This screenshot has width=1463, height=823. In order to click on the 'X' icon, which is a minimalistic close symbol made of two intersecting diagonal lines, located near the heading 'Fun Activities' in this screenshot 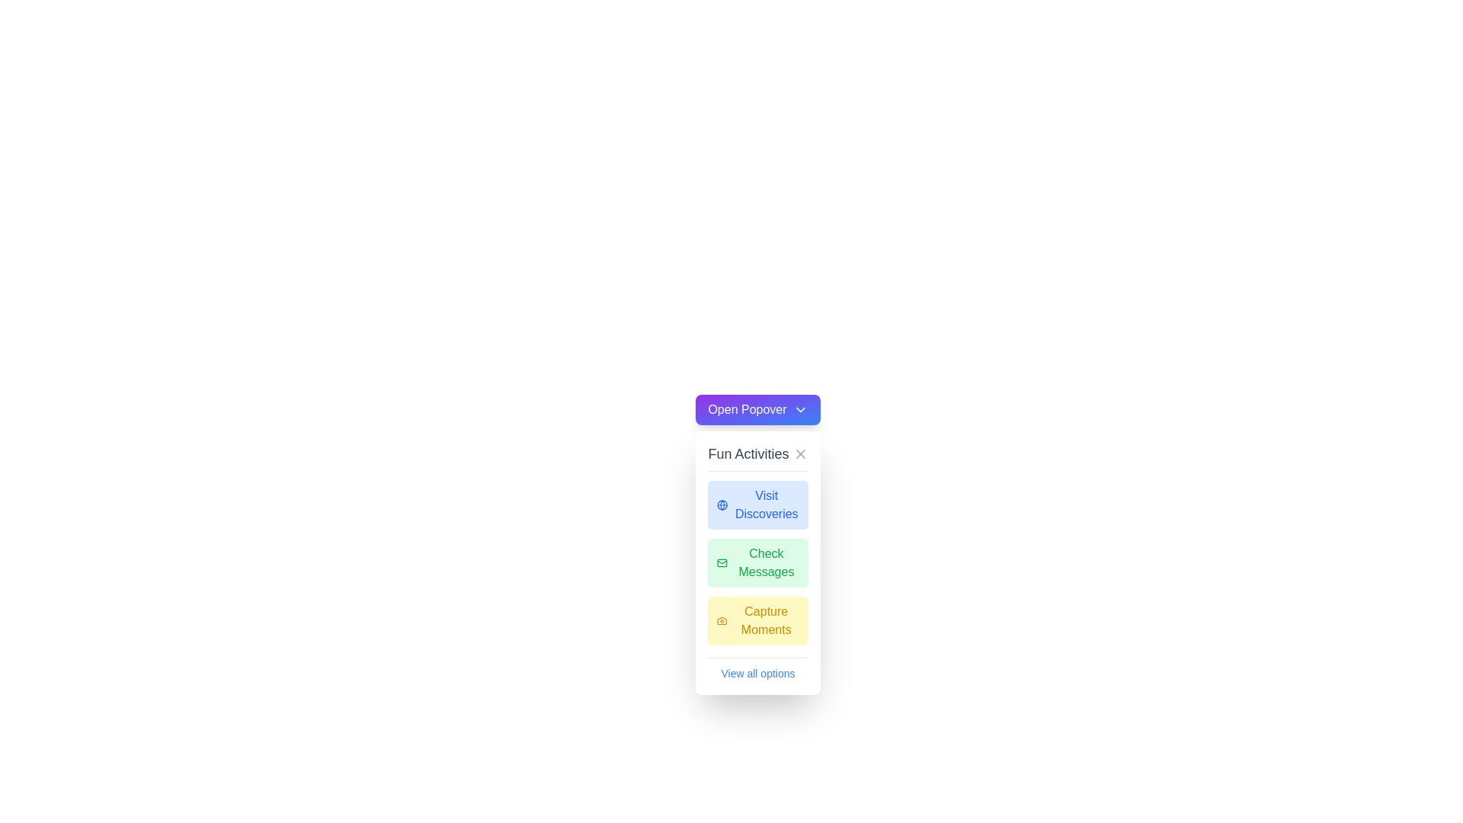, I will do `click(799, 453)`.